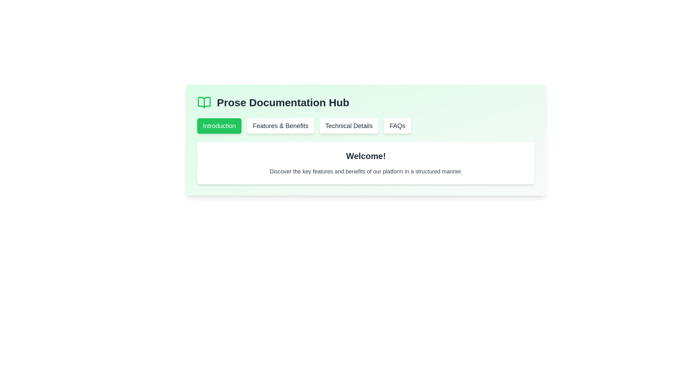  Describe the element at coordinates (366, 126) in the screenshot. I see `the buttons in the Navigation bar located within the 'Prose Documentation Hub'` at that location.